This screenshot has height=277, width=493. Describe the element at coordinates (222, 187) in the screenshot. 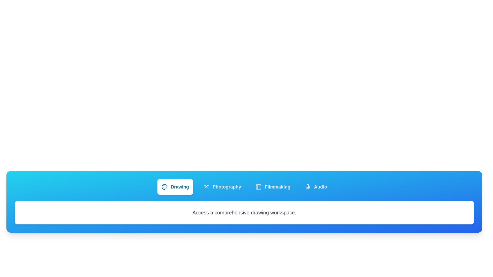

I see `the tab labeled Photography to display its content` at that location.